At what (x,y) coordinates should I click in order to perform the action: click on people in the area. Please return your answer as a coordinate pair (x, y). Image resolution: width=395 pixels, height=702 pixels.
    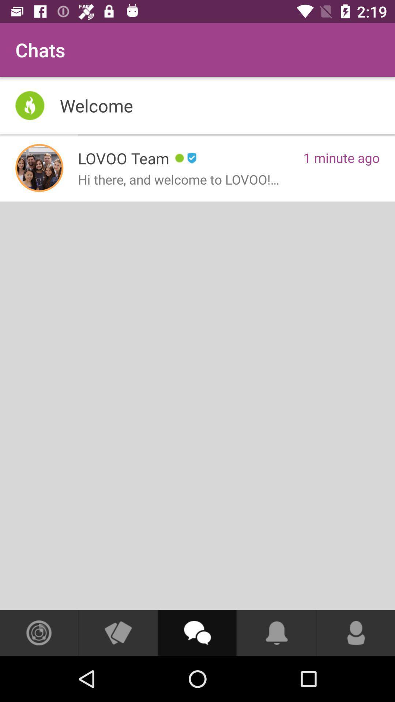
    Looking at the image, I should click on (39, 633).